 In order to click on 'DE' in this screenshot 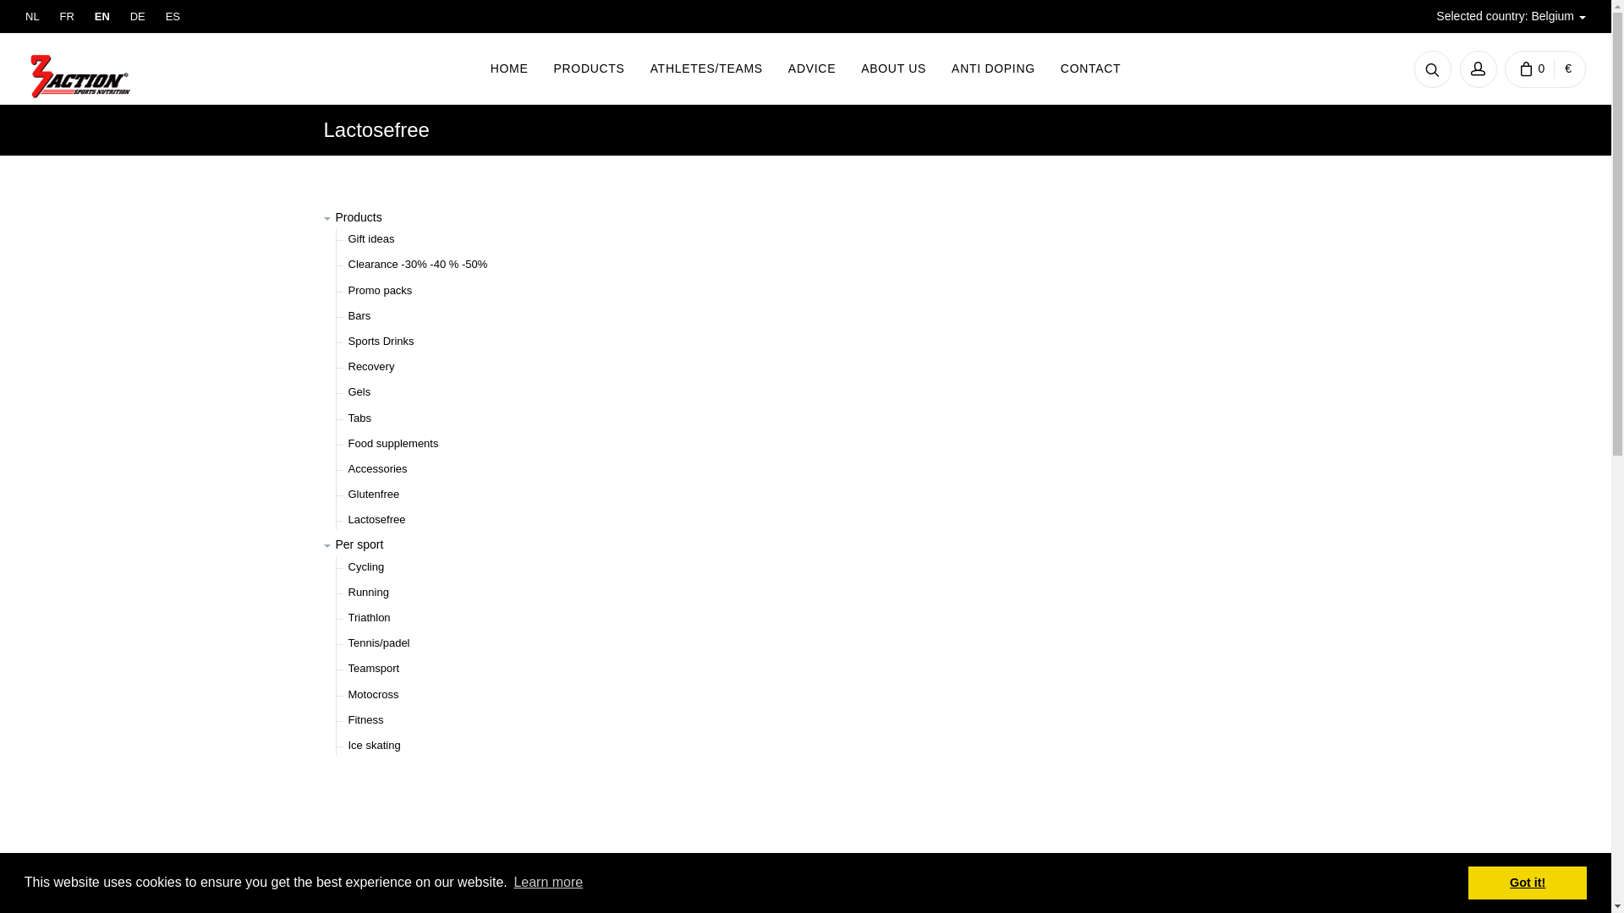, I will do `click(138, 16)`.